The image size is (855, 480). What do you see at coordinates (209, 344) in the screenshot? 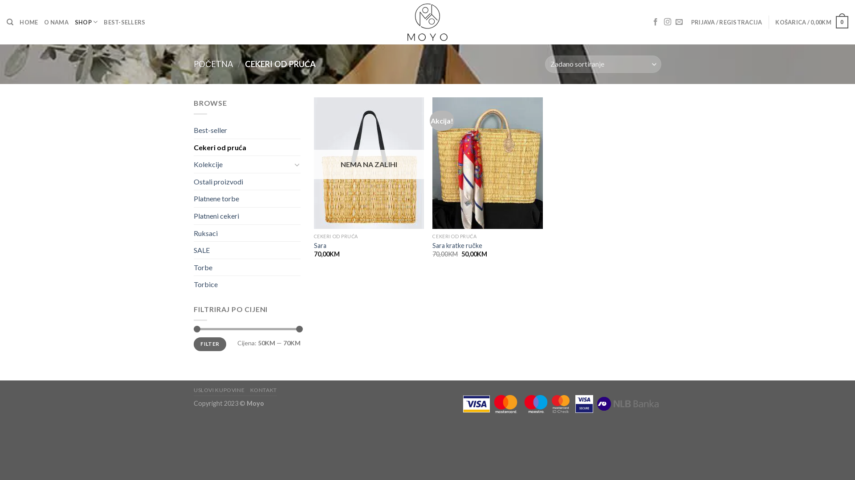
I see `'FILTER'` at bounding box center [209, 344].